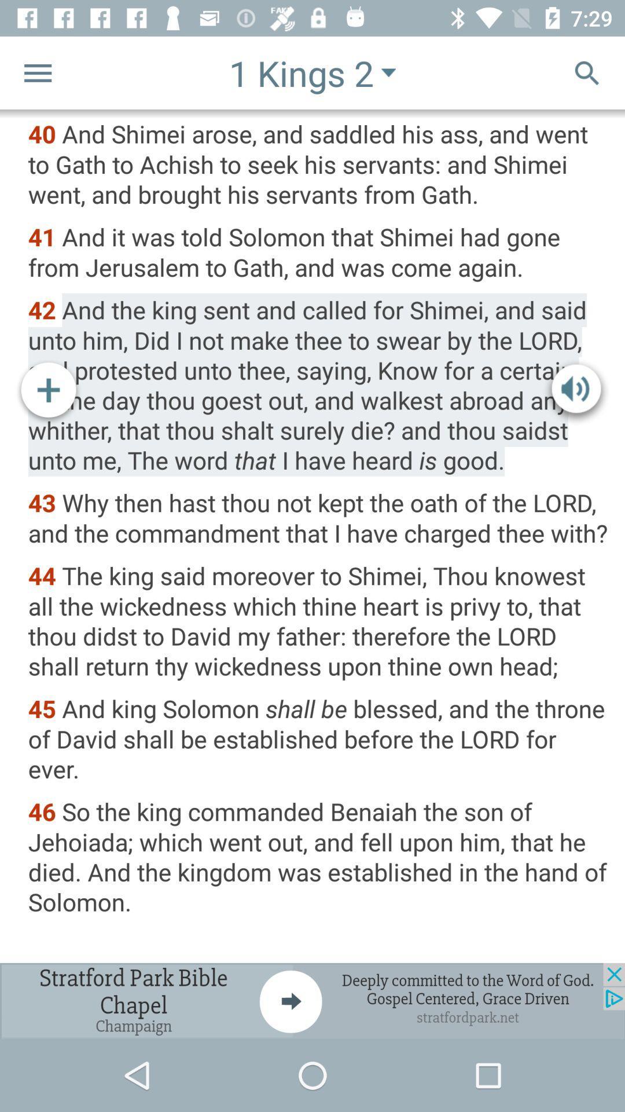 The height and width of the screenshot is (1112, 625). What do you see at coordinates (576, 392) in the screenshot?
I see `change audio volume` at bounding box center [576, 392].